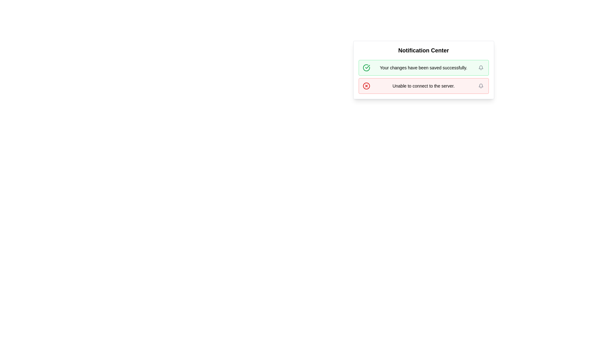 The width and height of the screenshot is (604, 339). I want to click on the text label displaying 'Unable to connect to the server.' located in the second notification entry of the 'Notification Center', so click(423, 86).